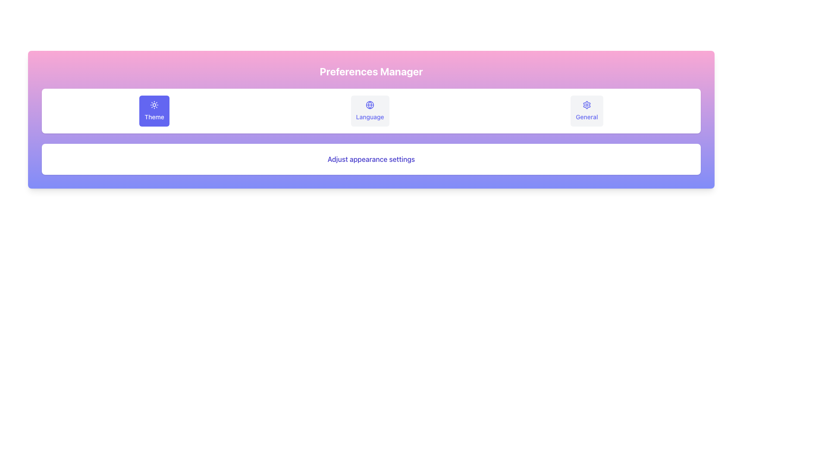 The height and width of the screenshot is (465, 828). I want to click on the gear icon representing settings in the Preferences Manager section, which is styled with a blue outline and is located above the 'General' text, so click(586, 104).